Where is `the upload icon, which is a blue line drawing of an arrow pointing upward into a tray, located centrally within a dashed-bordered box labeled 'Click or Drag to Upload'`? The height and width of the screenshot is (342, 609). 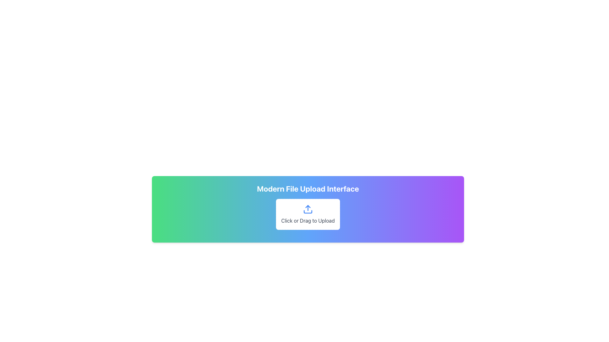 the upload icon, which is a blue line drawing of an arrow pointing upward into a tray, located centrally within a dashed-bordered box labeled 'Click or Drag to Upload' is located at coordinates (308, 209).